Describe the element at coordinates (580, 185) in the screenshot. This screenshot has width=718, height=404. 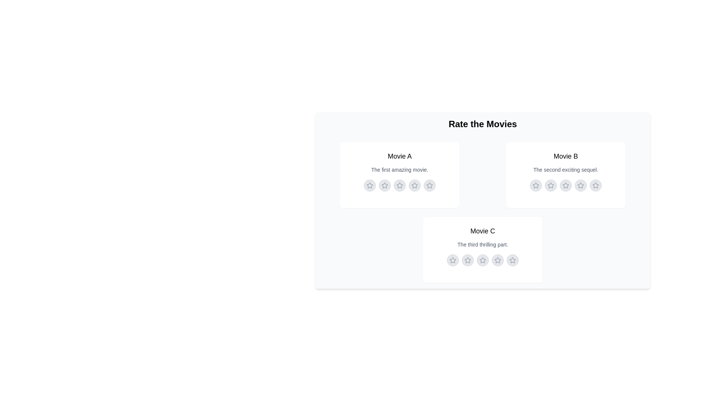
I see `the fourth star icon in the rating system for 'Movie B', which is represented as an unselected star with a gray outline` at that location.